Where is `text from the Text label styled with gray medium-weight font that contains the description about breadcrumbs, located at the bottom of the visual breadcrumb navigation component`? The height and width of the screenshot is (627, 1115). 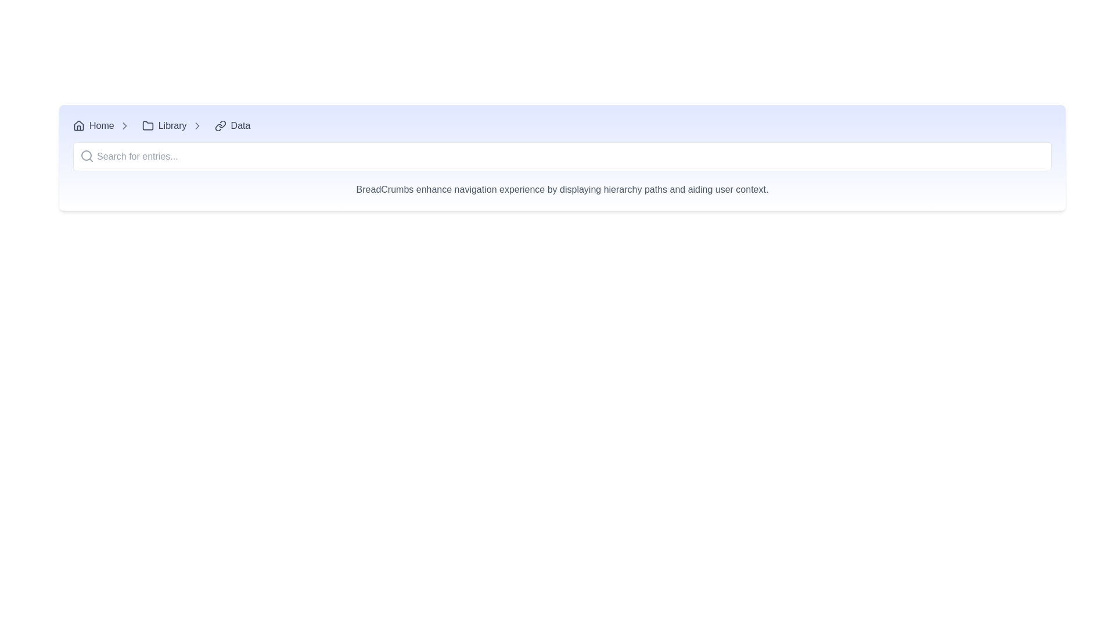
text from the Text label styled with gray medium-weight font that contains the description about breadcrumbs, located at the bottom of the visual breadcrumb navigation component is located at coordinates (562, 183).